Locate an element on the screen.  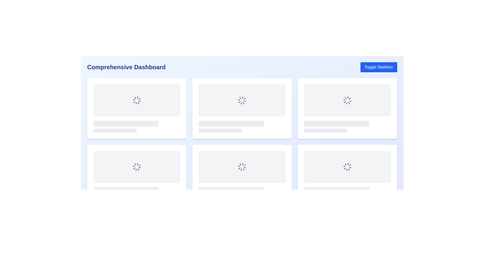
the placeholder card located in the bottom-left position of a grid arrangement, which includes a spinner and dummy content is located at coordinates (137, 175).